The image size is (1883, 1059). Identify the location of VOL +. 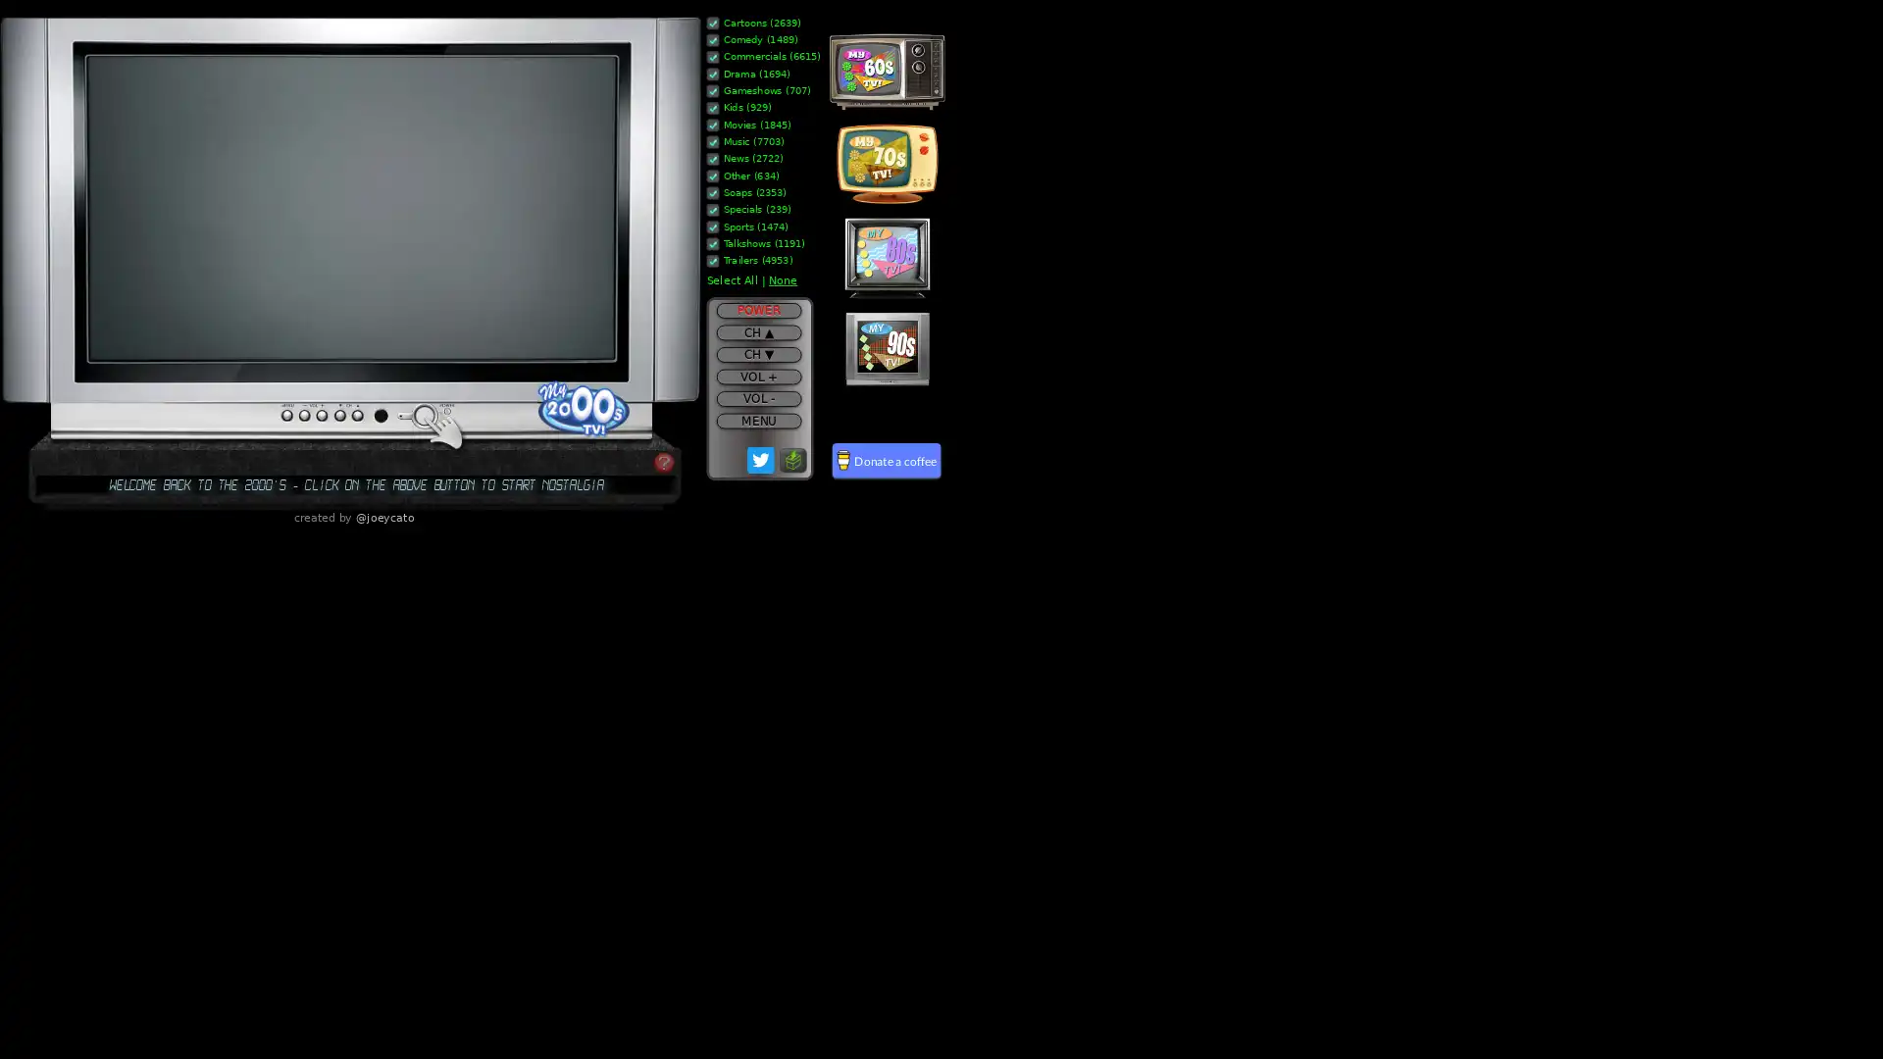
(757, 377).